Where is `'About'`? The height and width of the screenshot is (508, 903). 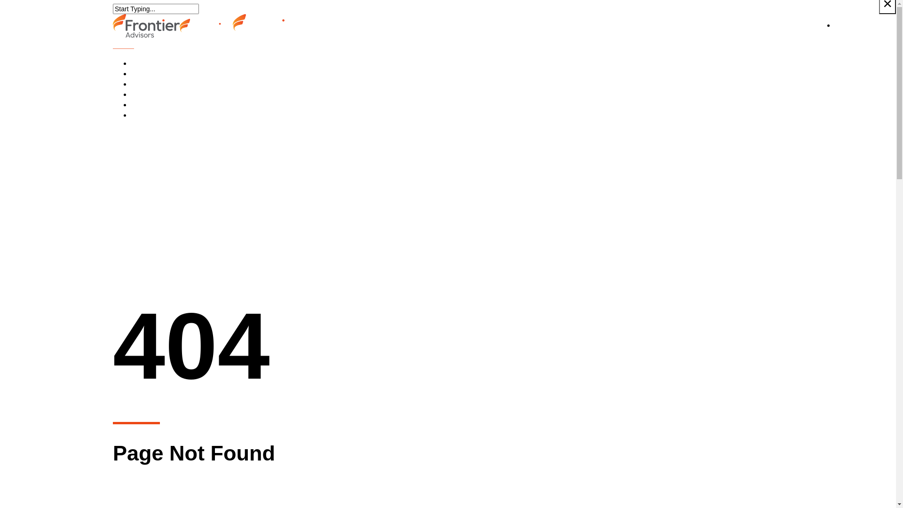 'About' is located at coordinates (152, 115).